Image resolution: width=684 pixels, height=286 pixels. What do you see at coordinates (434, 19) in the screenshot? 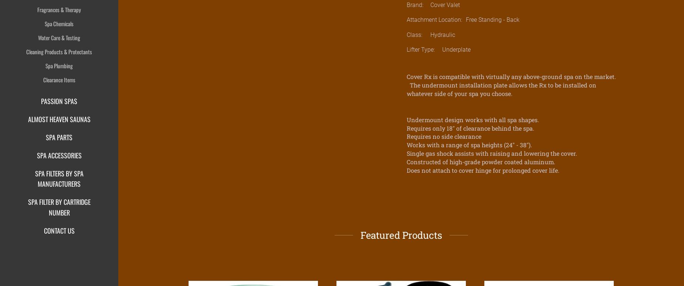
I see `'Attachment Location:'` at bounding box center [434, 19].